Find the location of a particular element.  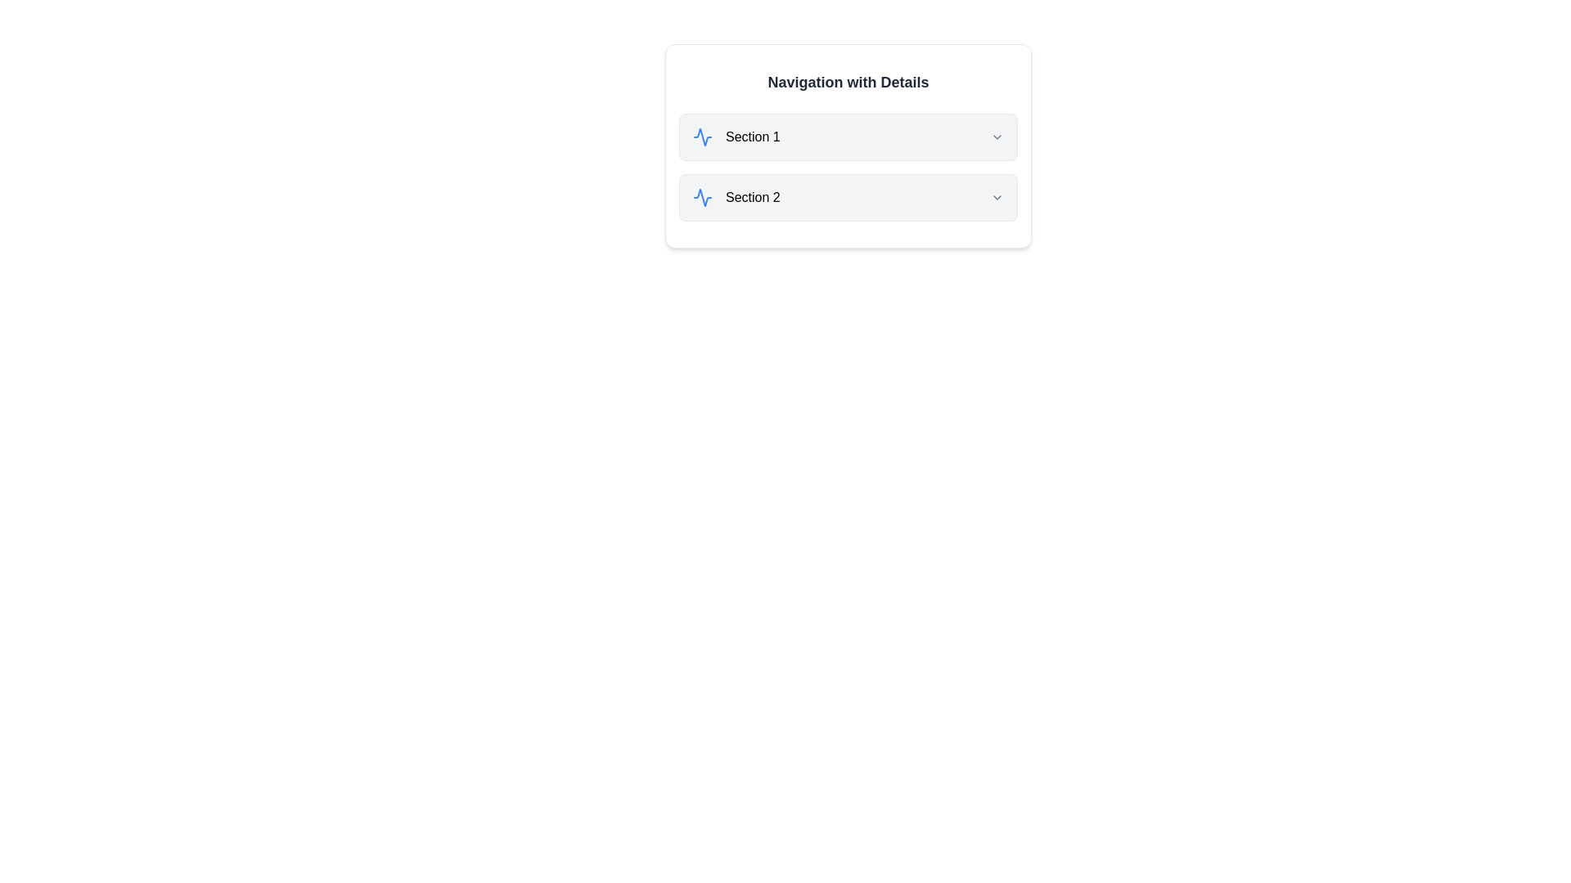

the text label displaying 'Section 1', which is styled with a medium font weight and is located in the middle of a navigation card, above 'Section 2' is located at coordinates (752, 137).